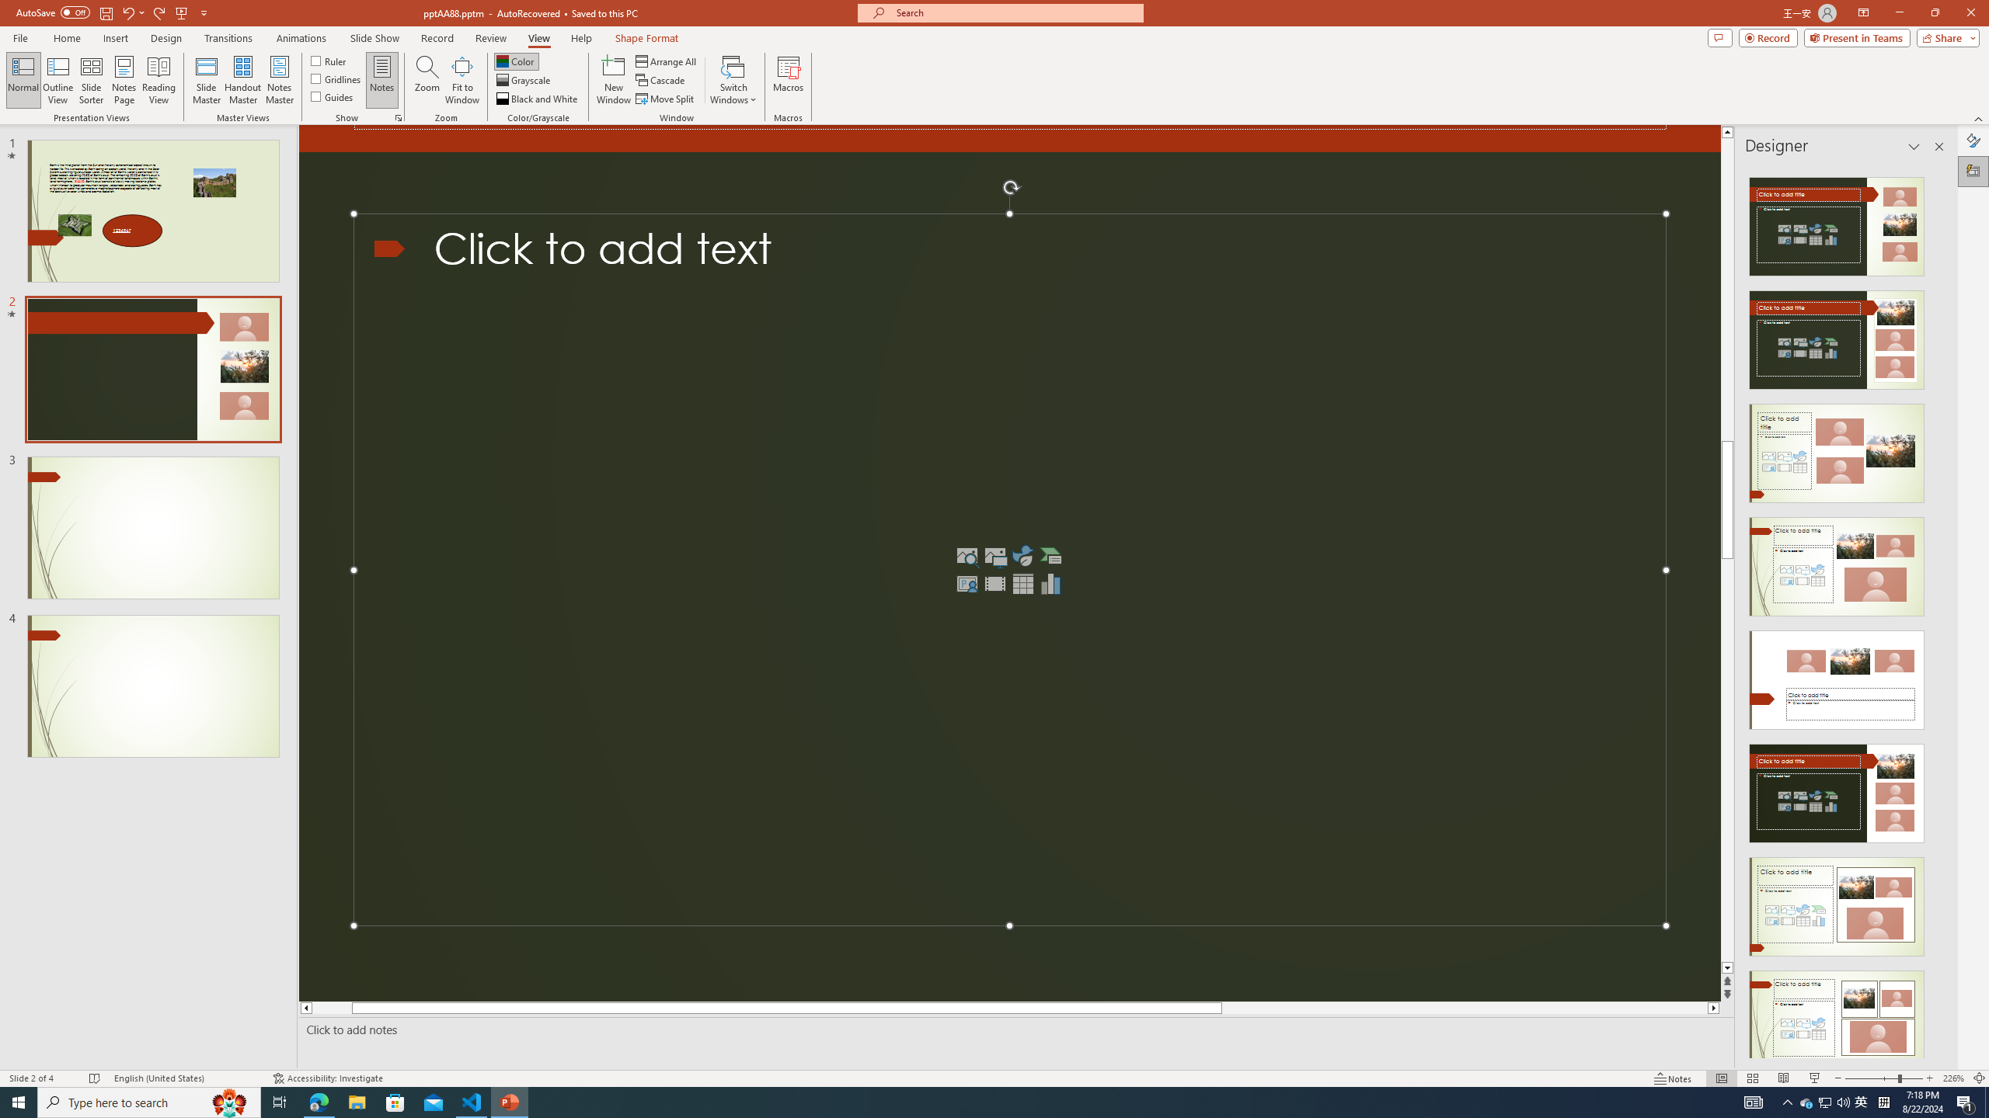  I want to click on 'Stock Images', so click(967, 555).